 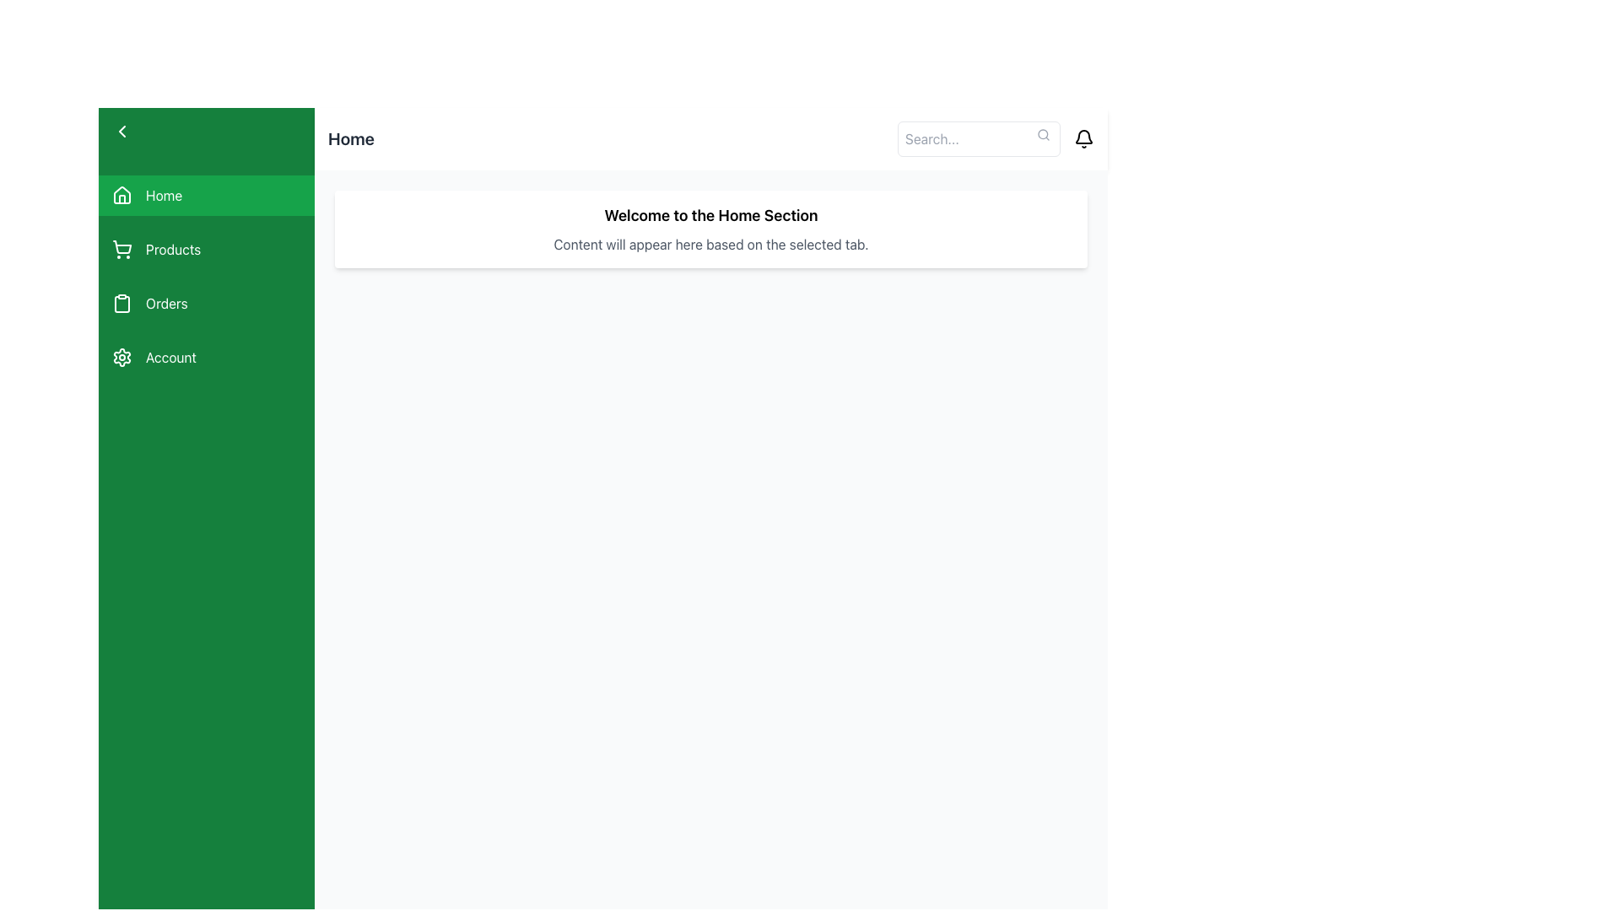 I want to click on the decorative house icon representing 'Home' in the navigation bar by interacting with the lower portion of the icon, so click(x=121, y=198).